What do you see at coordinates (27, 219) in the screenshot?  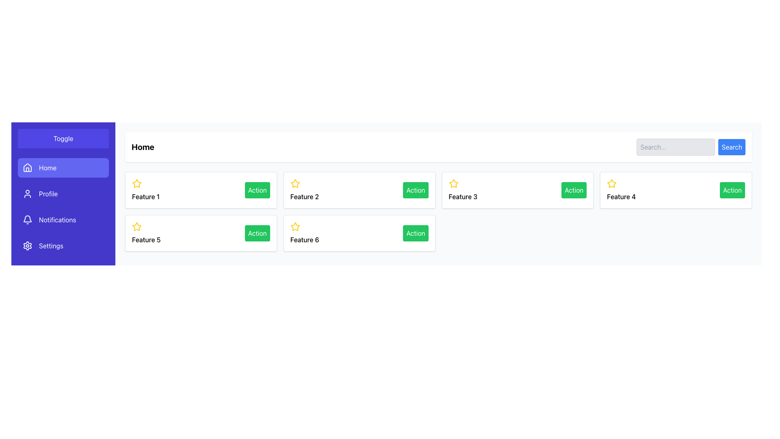 I see `the bell icon located in the sidebar menu under the 'Profile' menu item and above the 'Settings' menu item` at bounding box center [27, 219].